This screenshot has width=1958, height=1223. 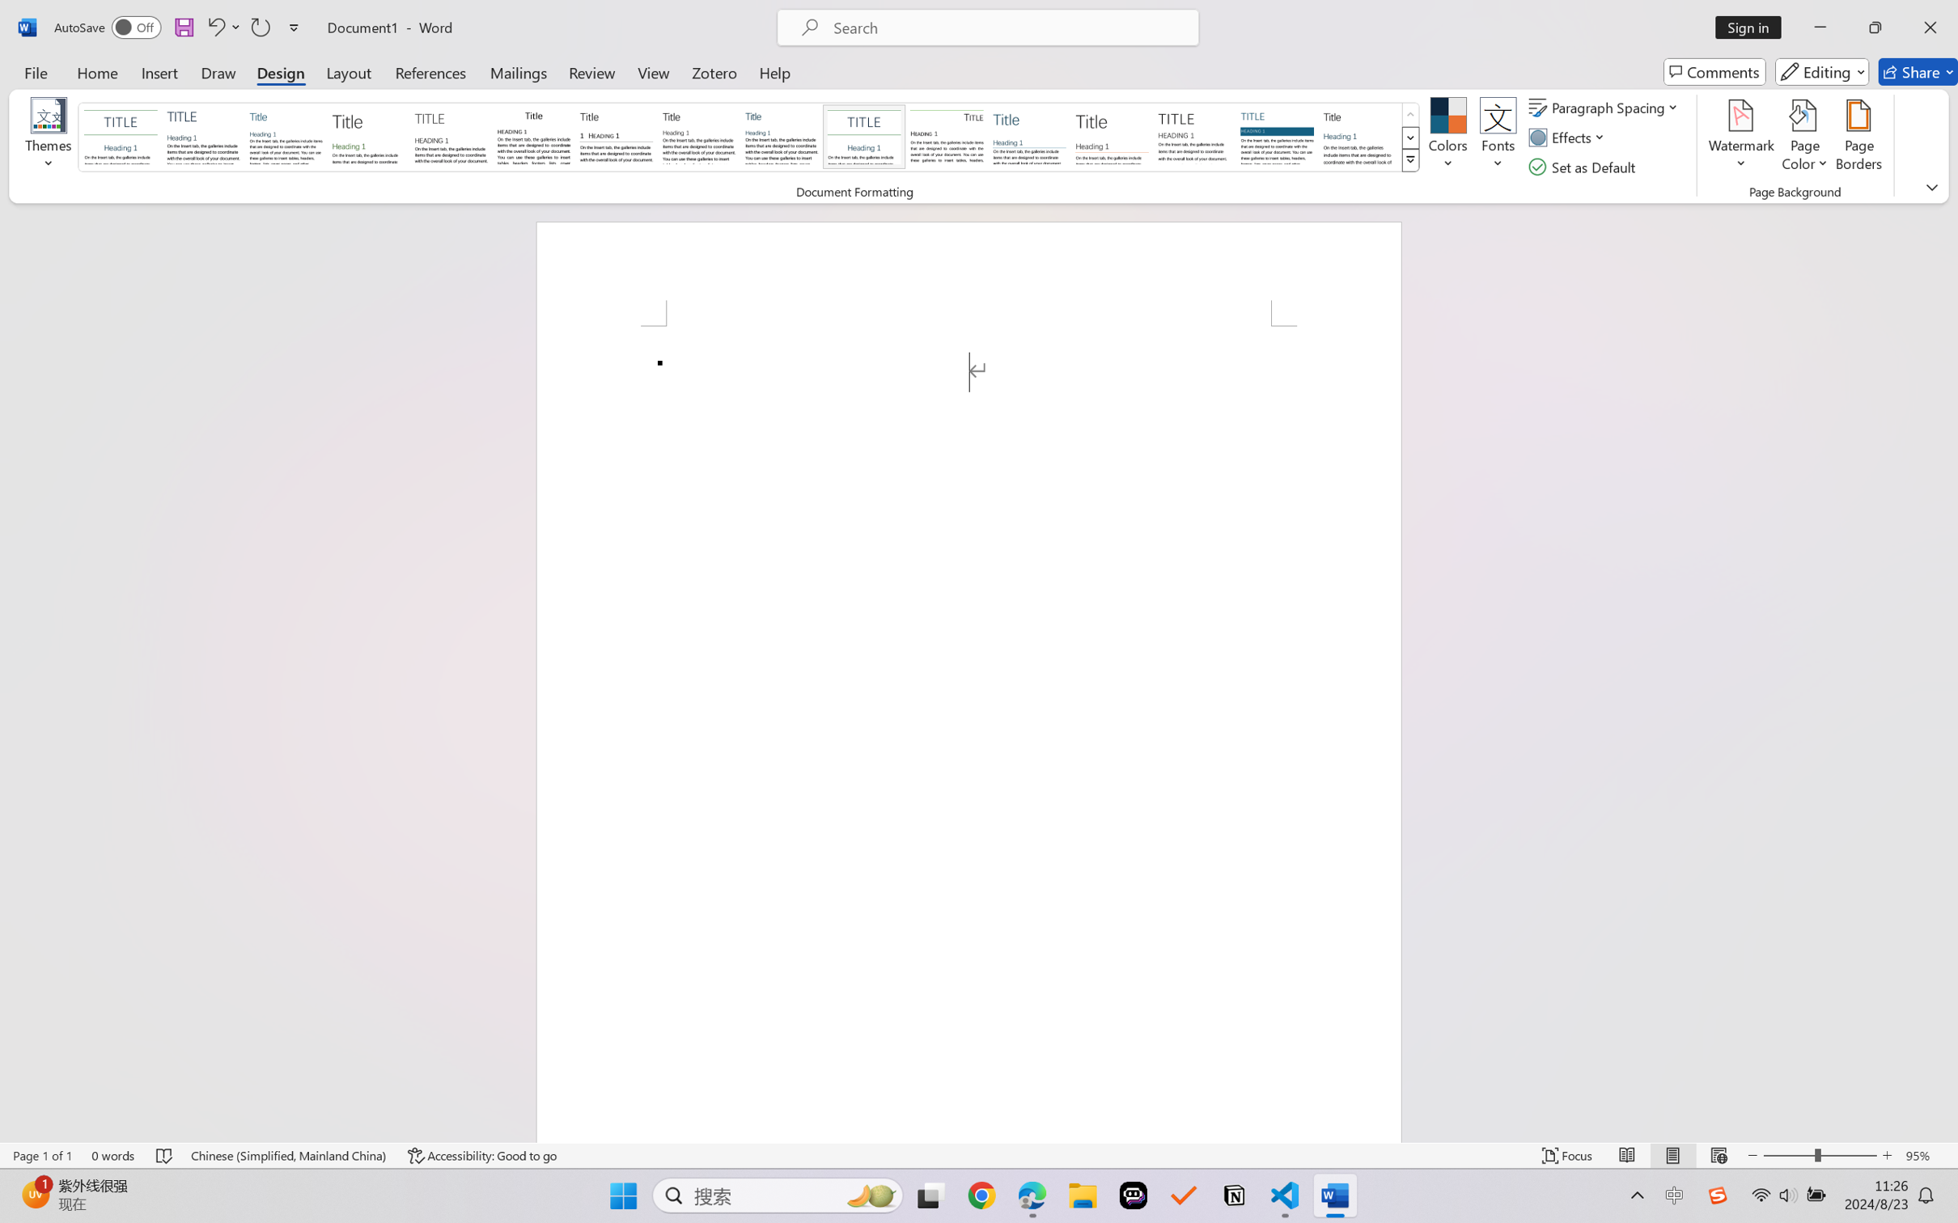 I want to click on 'Watermark', so click(x=1741, y=138).